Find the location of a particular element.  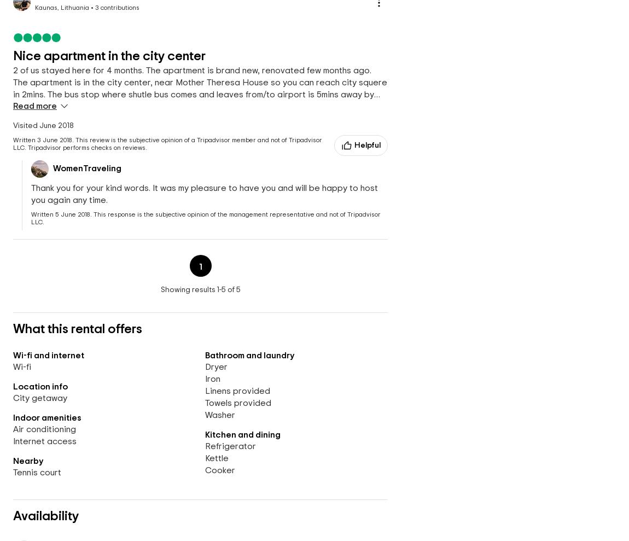

'contributions' is located at coordinates (119, 7).